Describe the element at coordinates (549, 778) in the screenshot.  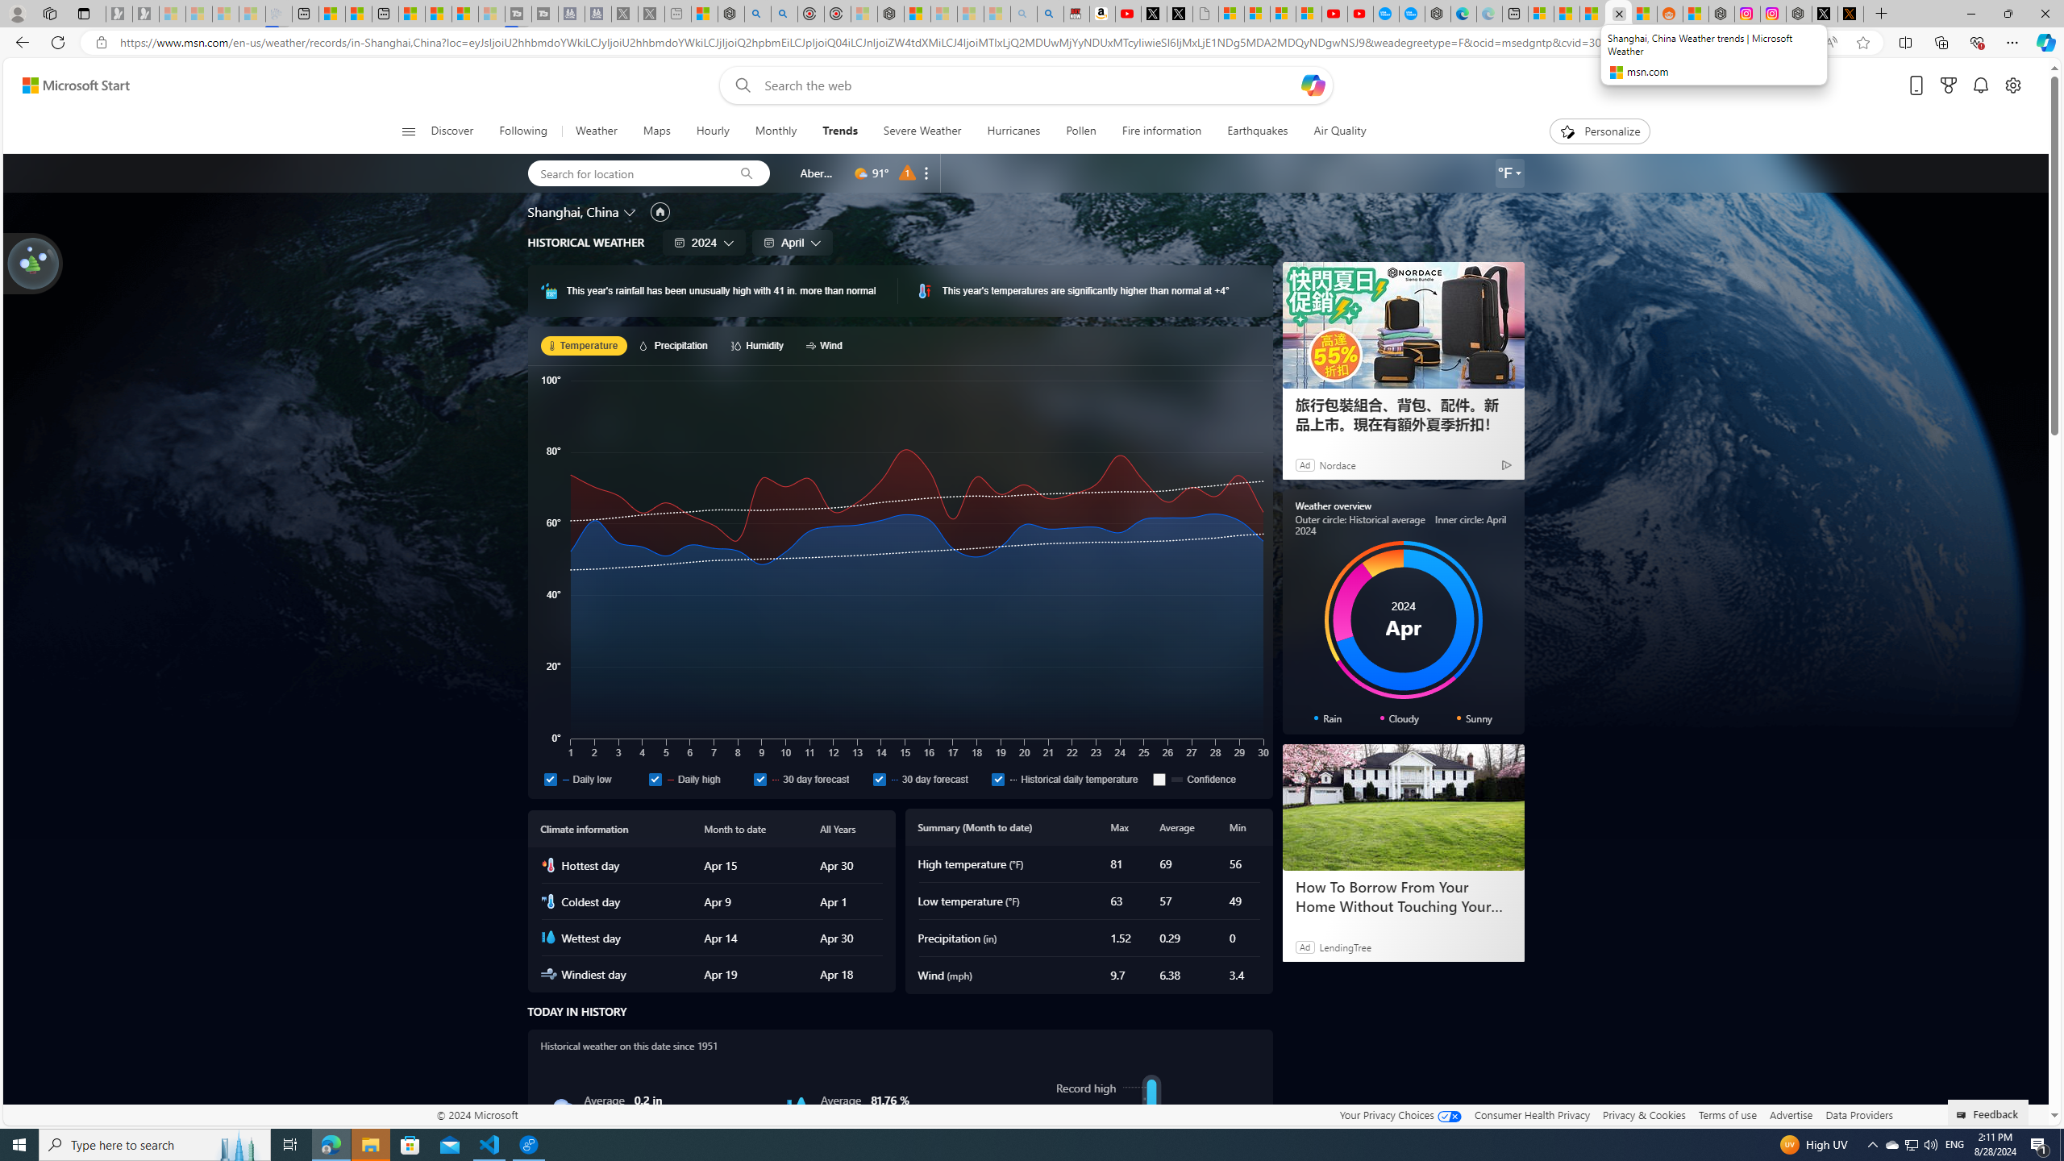
I see `'Daily low'` at that location.